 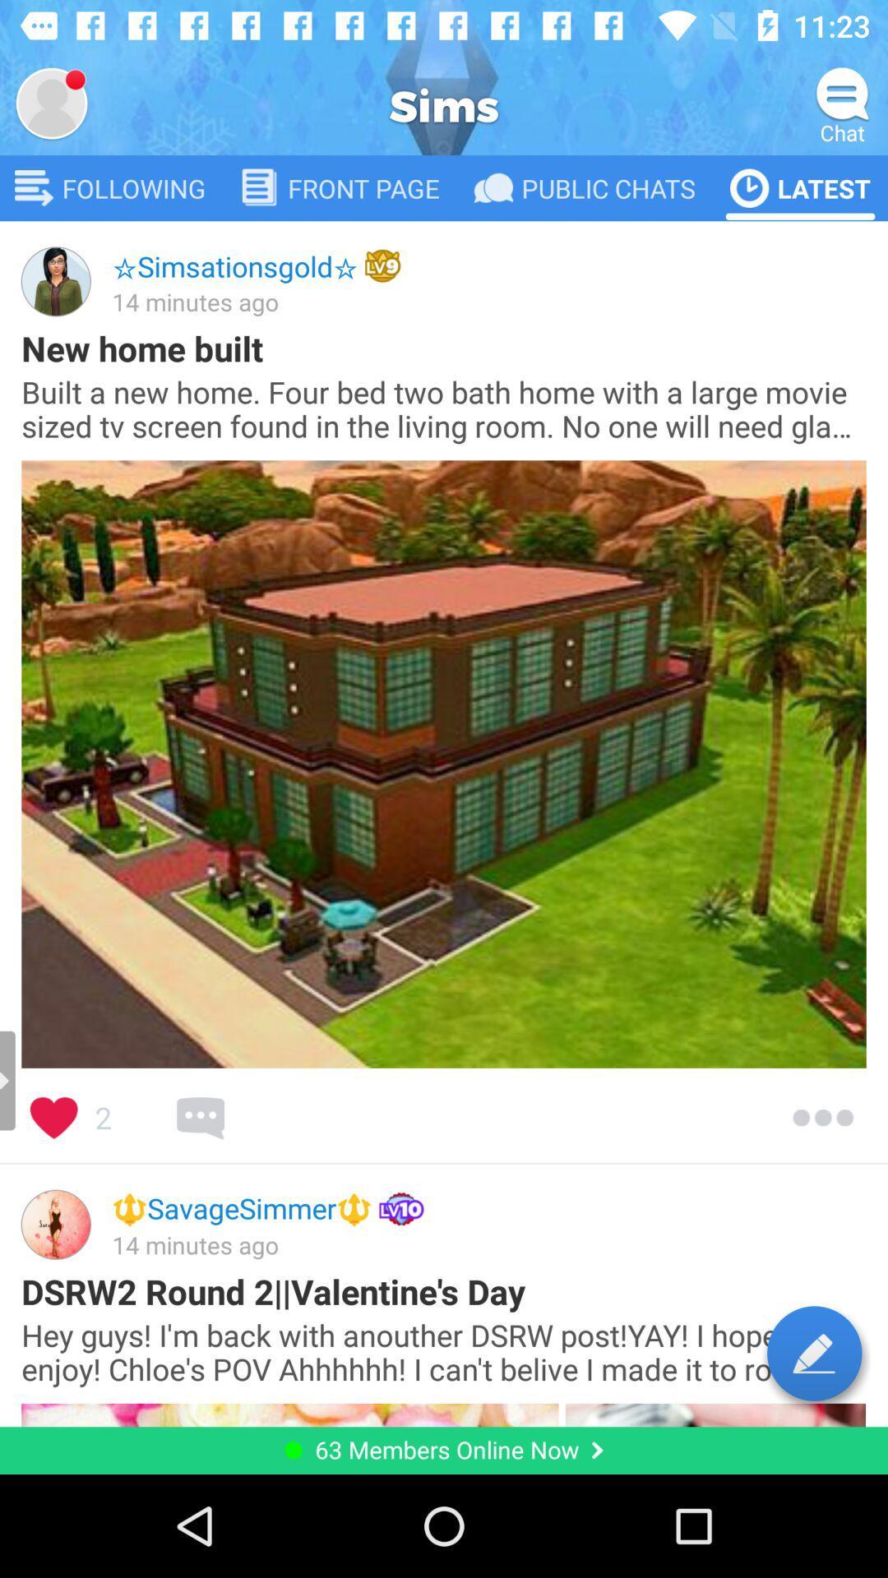 What do you see at coordinates (50, 102) in the screenshot?
I see `access profile` at bounding box center [50, 102].